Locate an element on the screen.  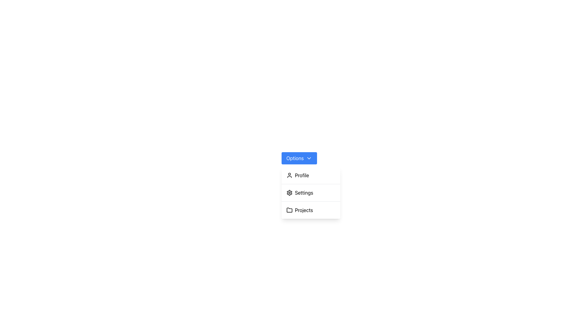
the hyperlink that serves as a navigation link to the settings page, which is the second item in a vertical list located below the 'Profile' option and above the 'Projects' option is located at coordinates (311, 193).